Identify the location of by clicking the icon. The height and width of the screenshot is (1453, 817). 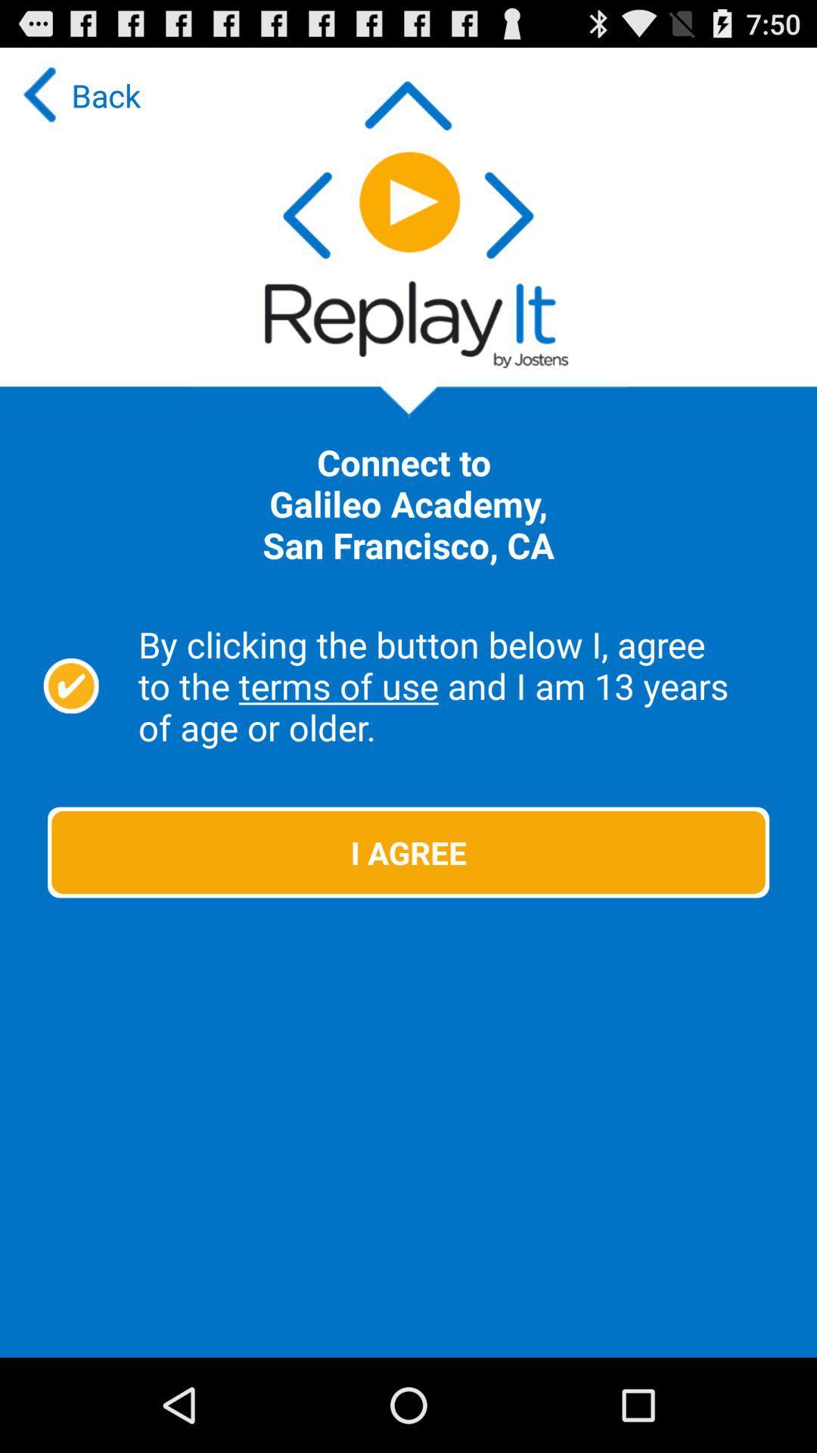
(458, 685).